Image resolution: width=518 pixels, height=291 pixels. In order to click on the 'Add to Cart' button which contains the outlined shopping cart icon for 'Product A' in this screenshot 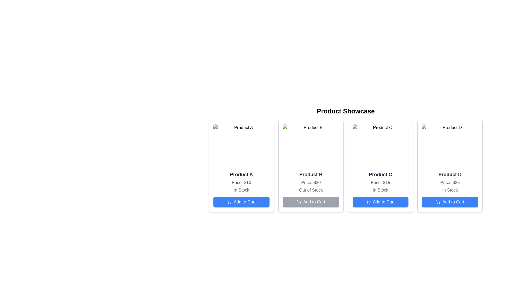, I will do `click(229, 202)`.